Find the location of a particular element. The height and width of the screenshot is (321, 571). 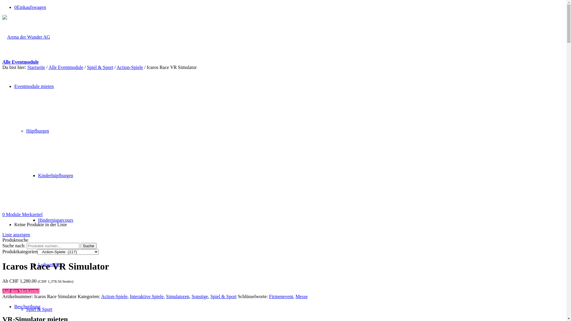

'Action-Spiele' is located at coordinates (129, 67).